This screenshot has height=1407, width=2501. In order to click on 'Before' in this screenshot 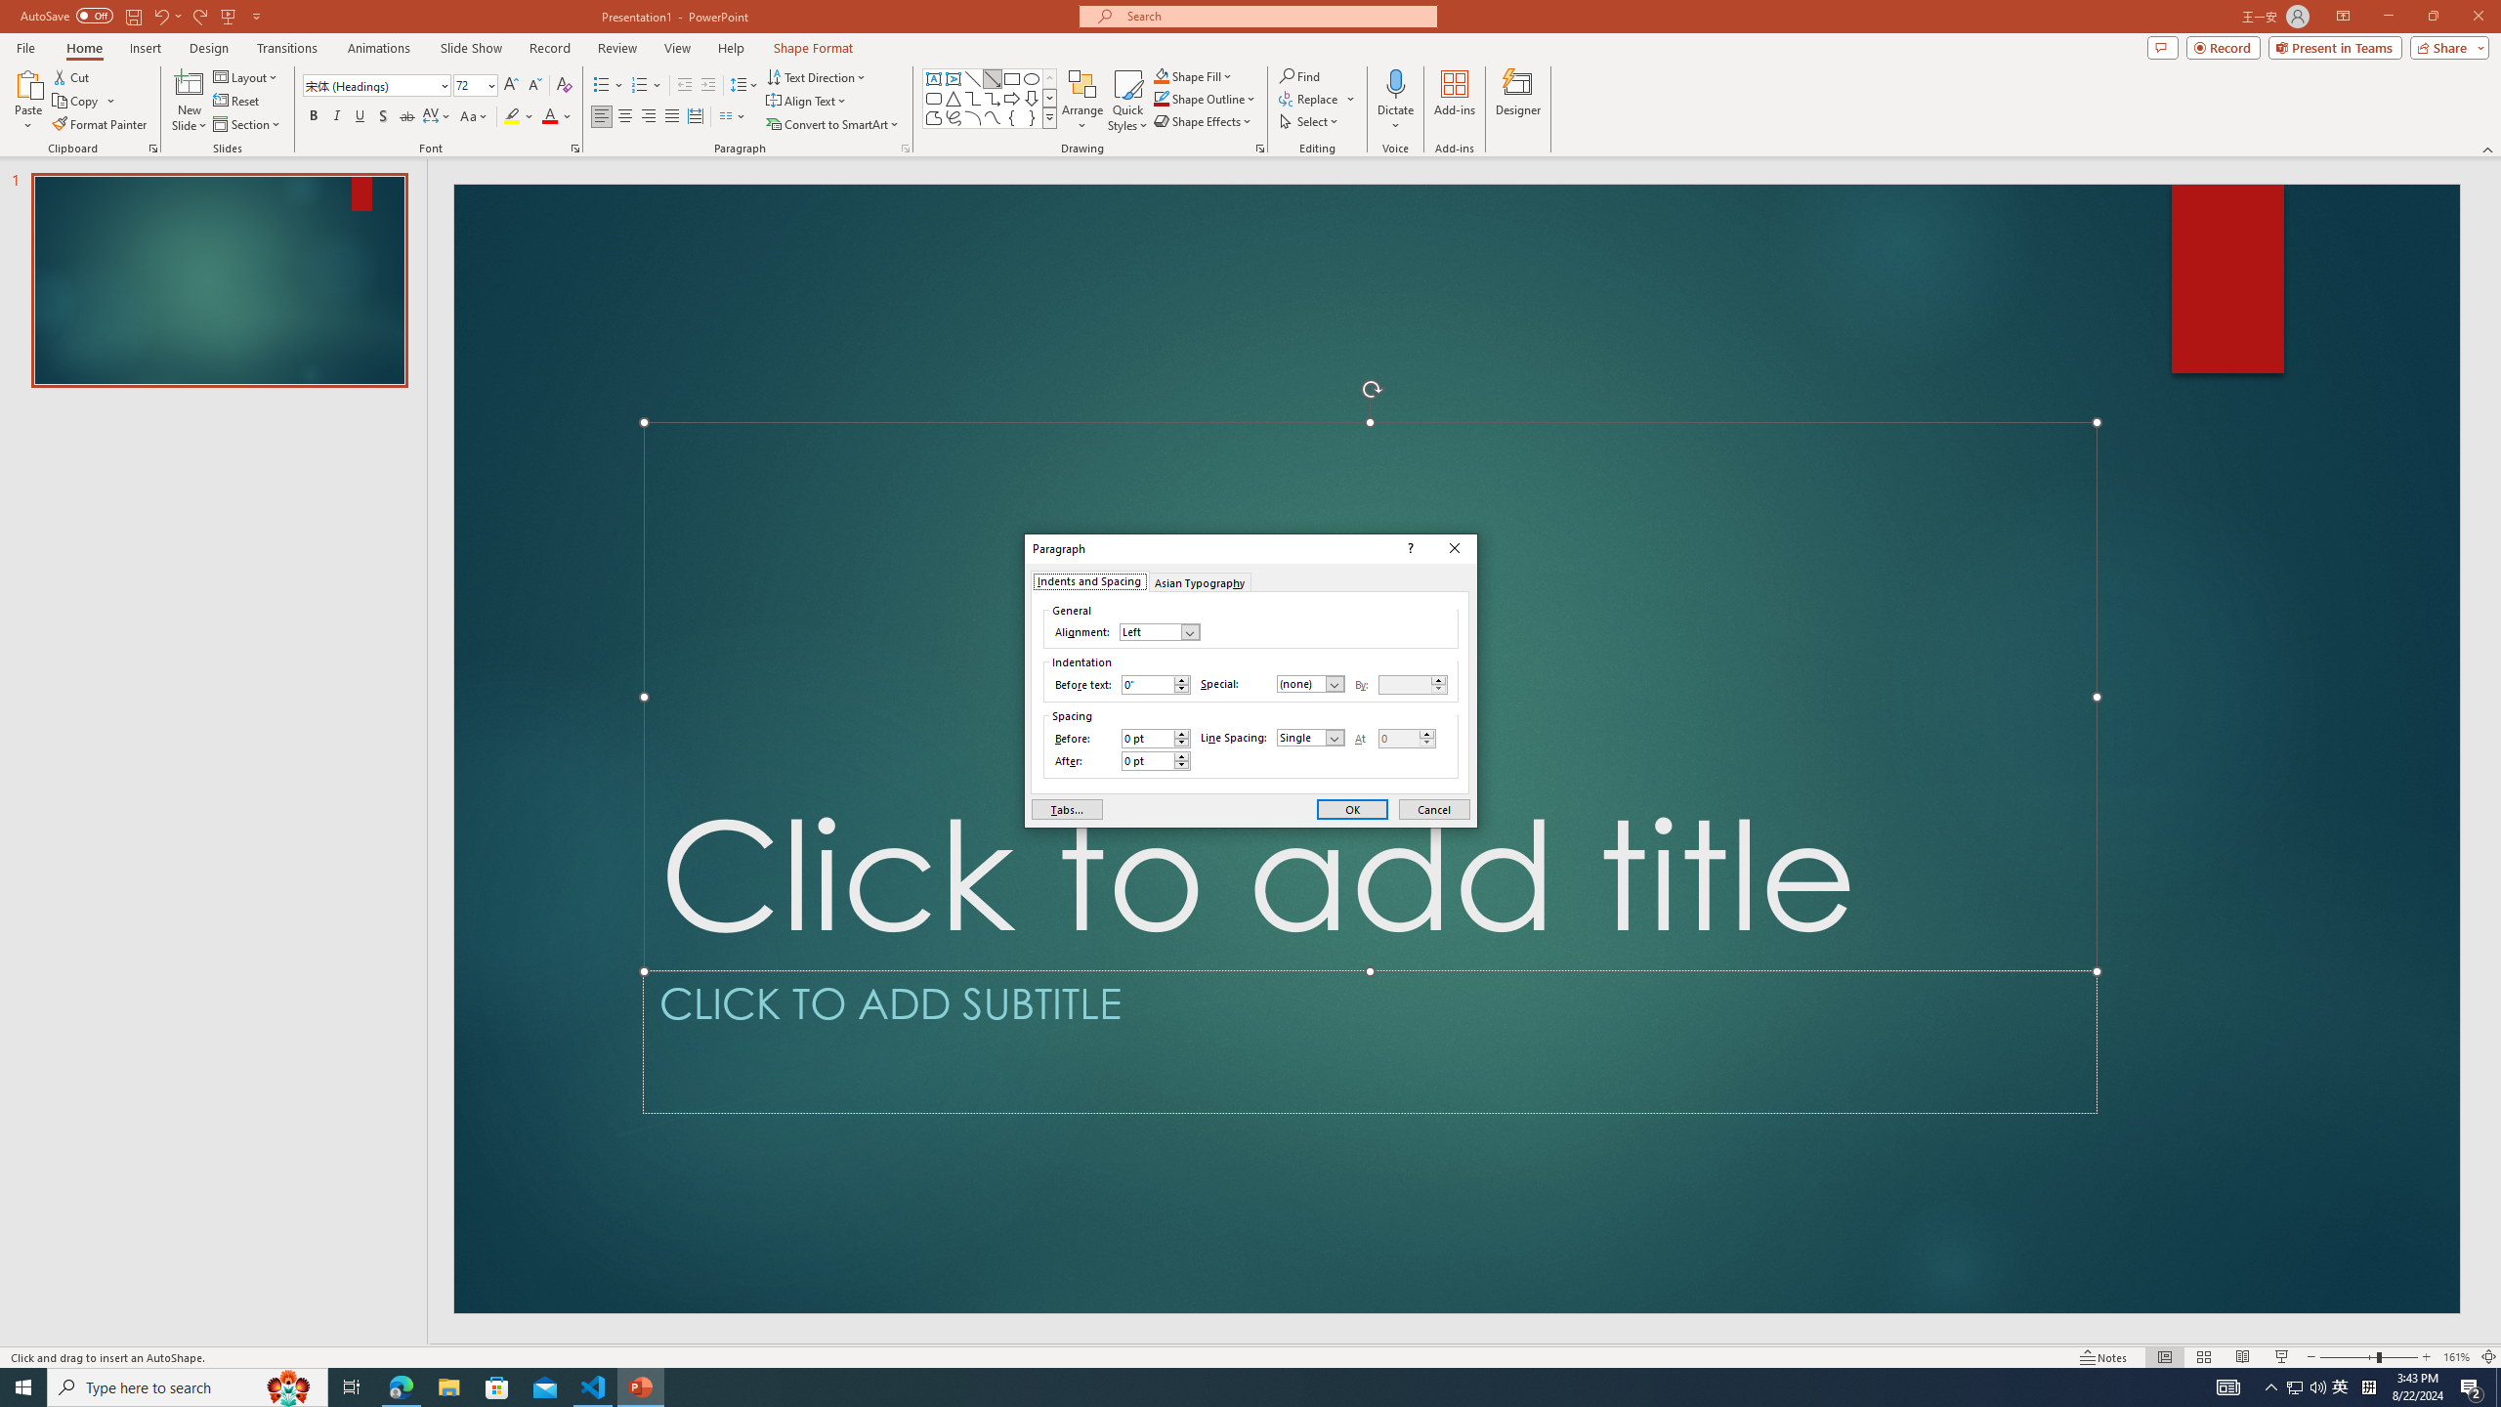, I will do `click(1147, 738)`.